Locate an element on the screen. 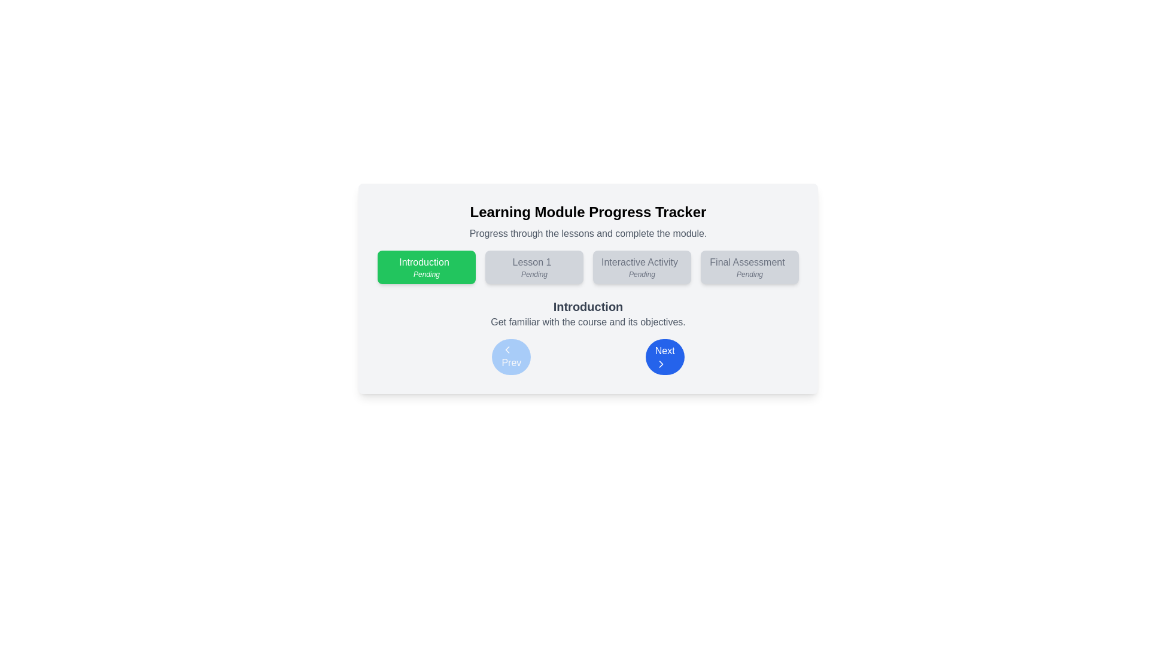 Image resolution: width=1149 pixels, height=646 pixels. the 'Lesson 1' button, which is a rectangular button with a light gray background and centered text is located at coordinates (533, 267).